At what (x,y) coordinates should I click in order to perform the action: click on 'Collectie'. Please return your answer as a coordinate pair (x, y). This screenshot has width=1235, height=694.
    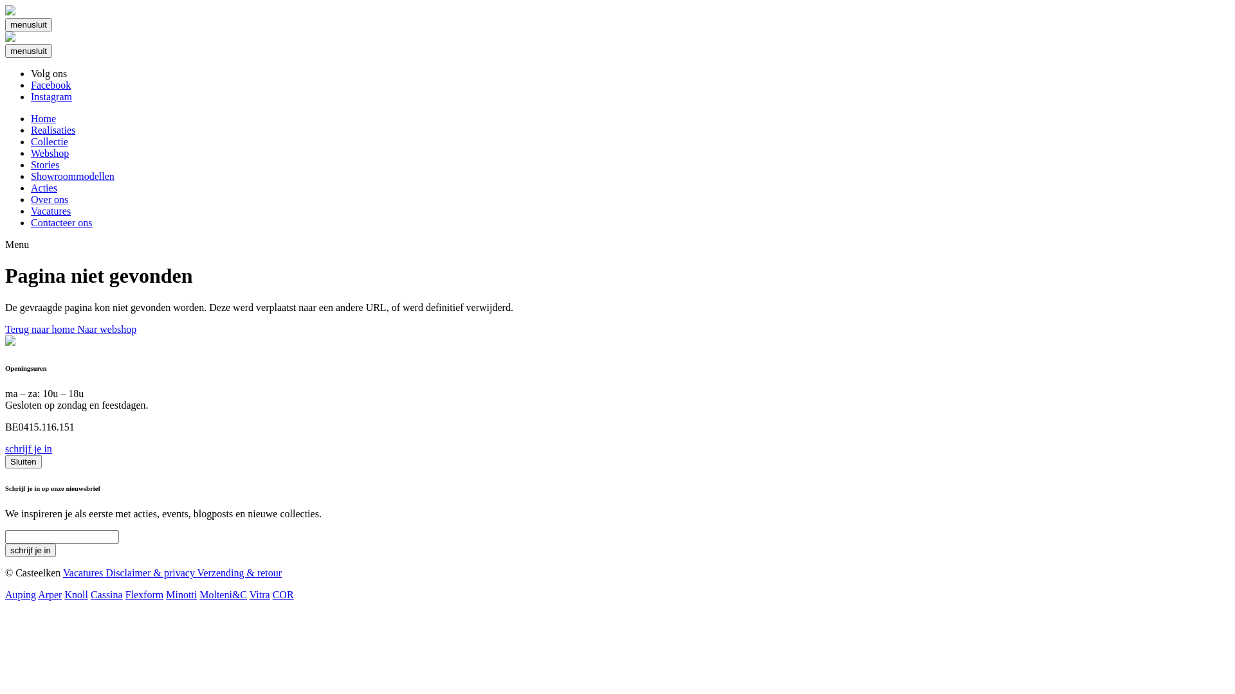
    Looking at the image, I should click on (49, 141).